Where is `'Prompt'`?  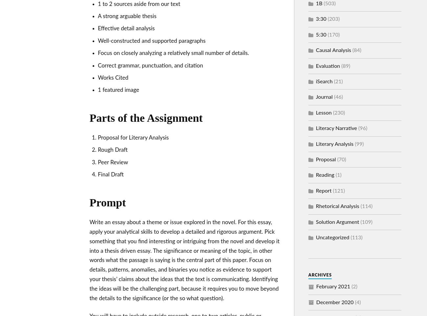
'Prompt' is located at coordinates (89, 202).